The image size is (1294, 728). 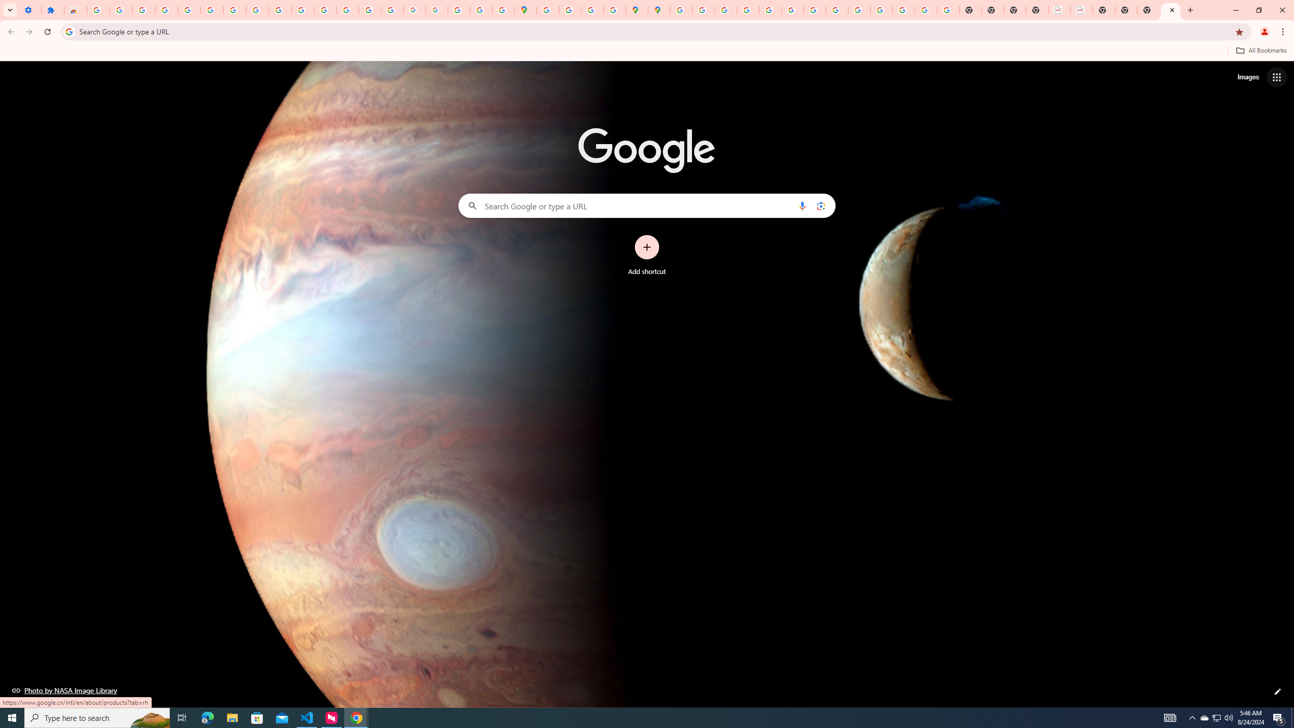 I want to click on 'BAE Systems Brasil | BAE Systems', so click(x=1082, y=10).